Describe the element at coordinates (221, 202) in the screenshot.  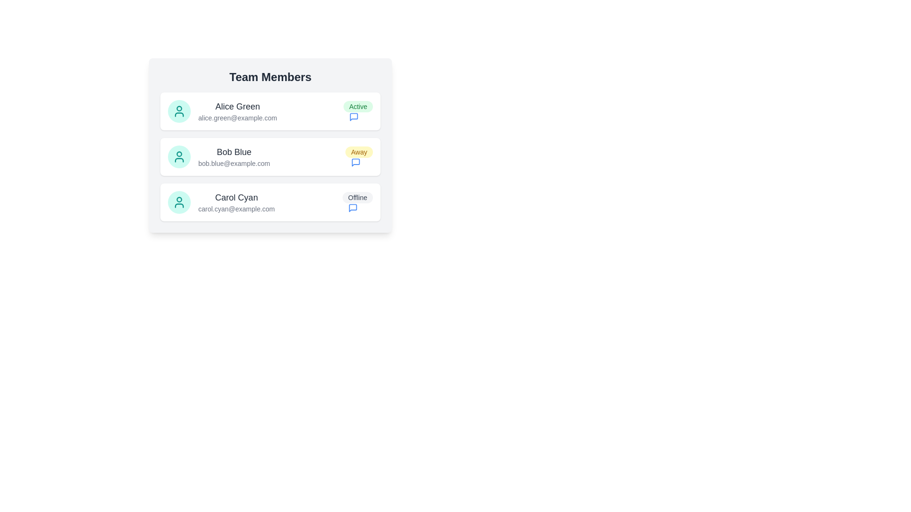
I see `the user entry for 'Carol Cyan'` at that location.